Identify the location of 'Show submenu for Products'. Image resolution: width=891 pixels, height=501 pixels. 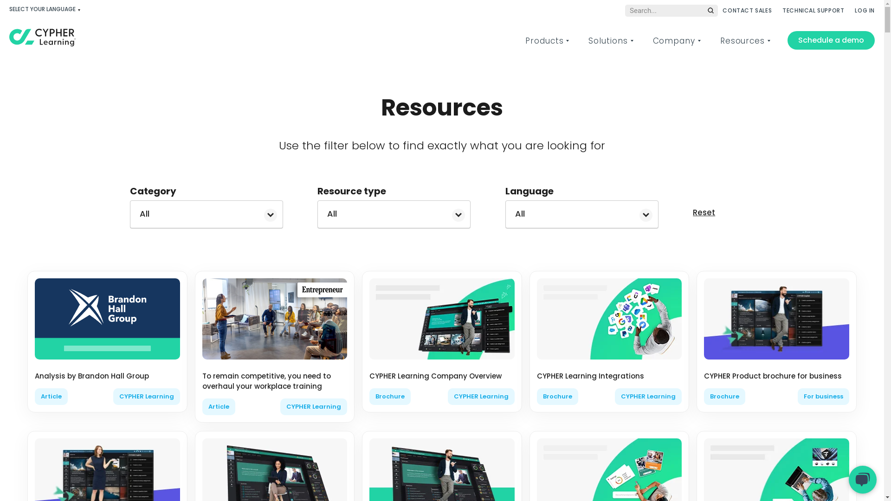
(567, 40).